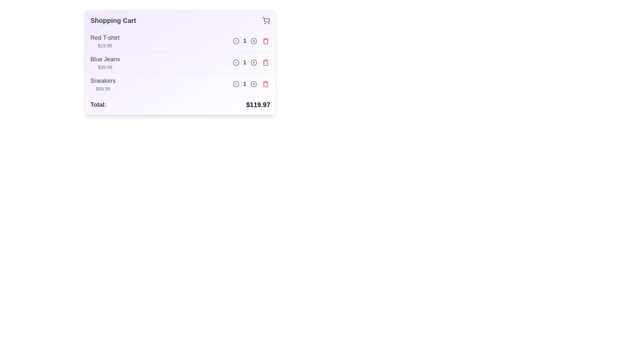 The image size is (637, 358). I want to click on the static text label displaying the number '1', which is positioned between the decrement ('-') and increment ('+') buttons in a shopping cart interface, so click(245, 84).